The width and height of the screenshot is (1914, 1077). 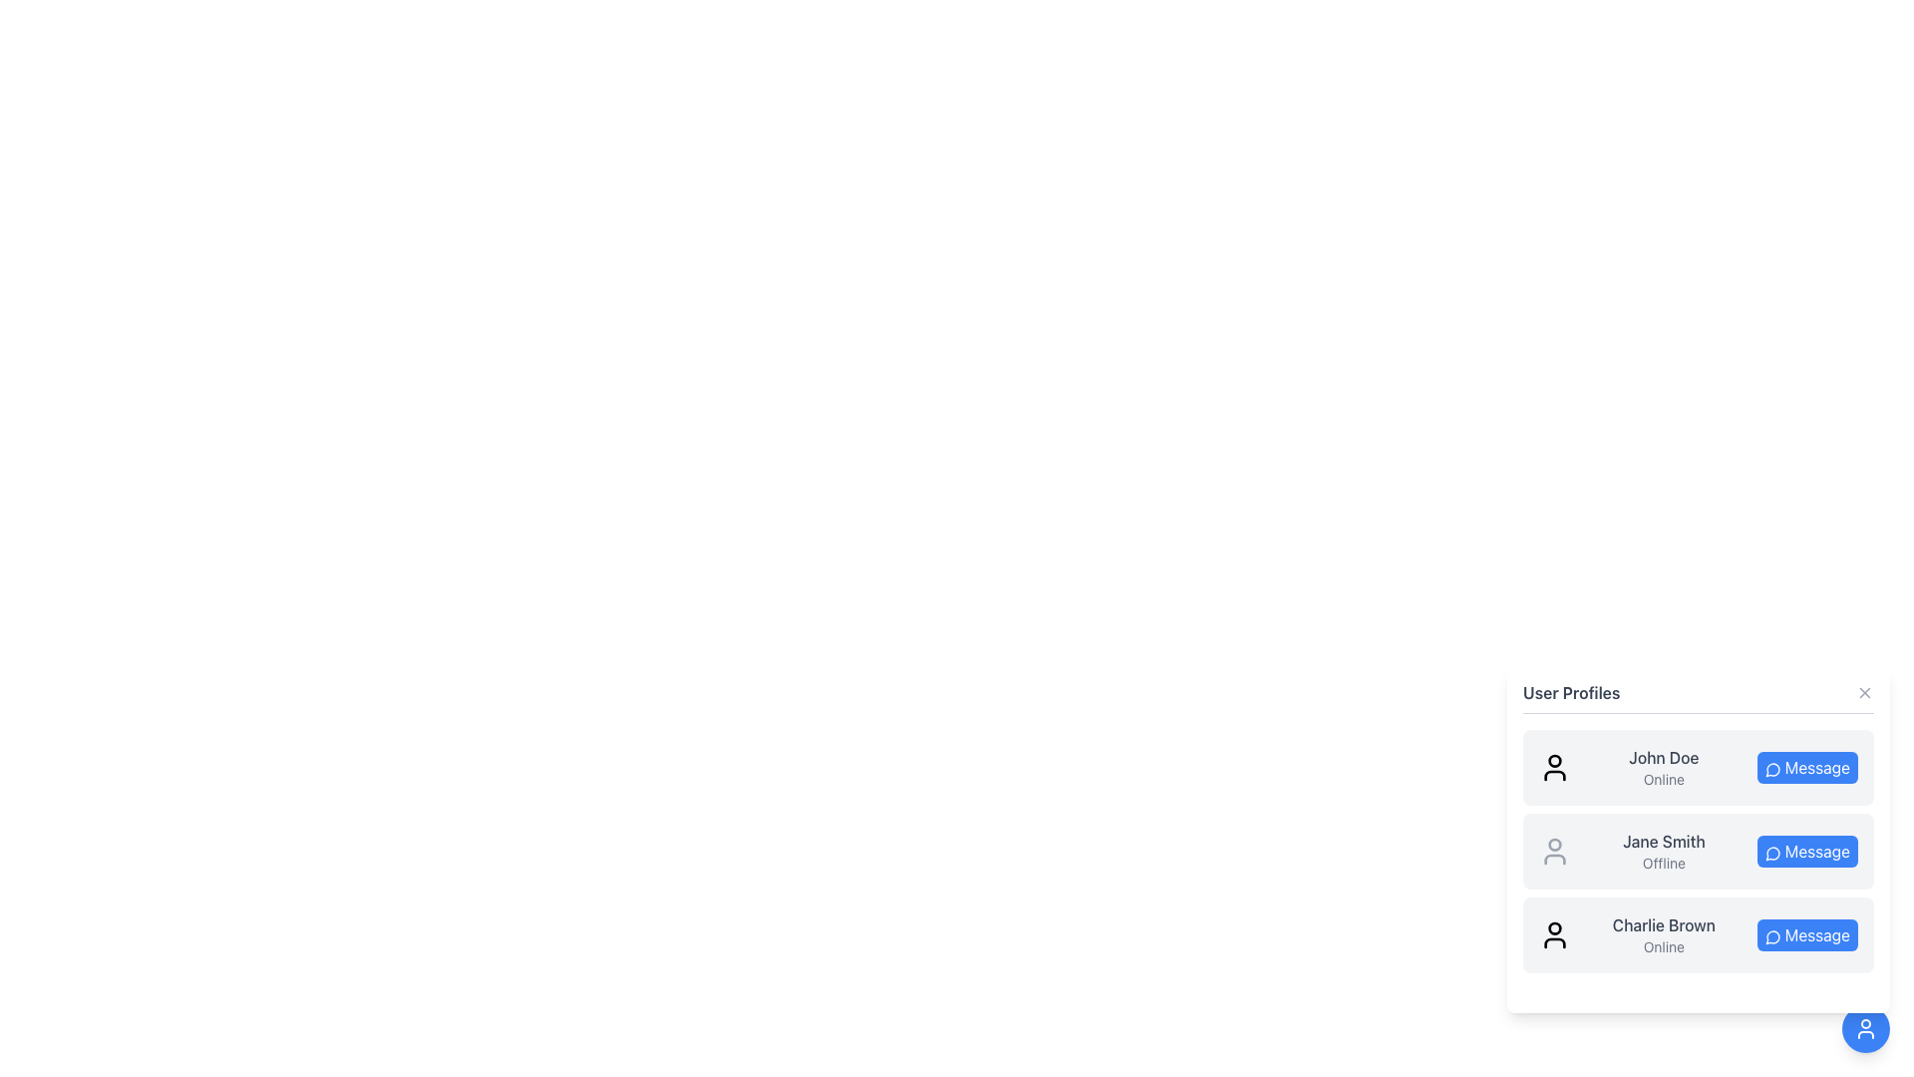 I want to click on the user name text label located at the topmost entry in the user profiles list, positioned to the right of the user icon and above the 'Online' text, so click(x=1664, y=757).